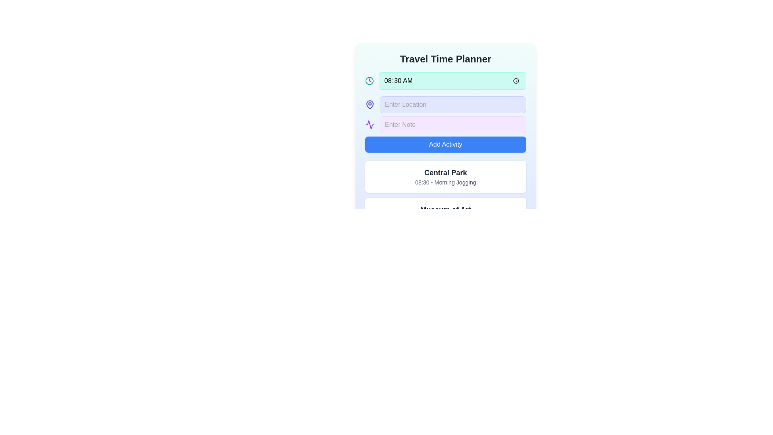 The image size is (773, 435). Describe the element at coordinates (369, 104) in the screenshot. I see `the location pin icon, which is decorative and positioned adjacent to the 'Enter Location' text field in the top left section of the interface` at that location.